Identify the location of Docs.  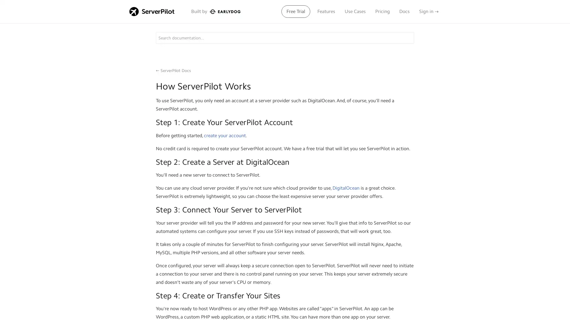
(404, 11).